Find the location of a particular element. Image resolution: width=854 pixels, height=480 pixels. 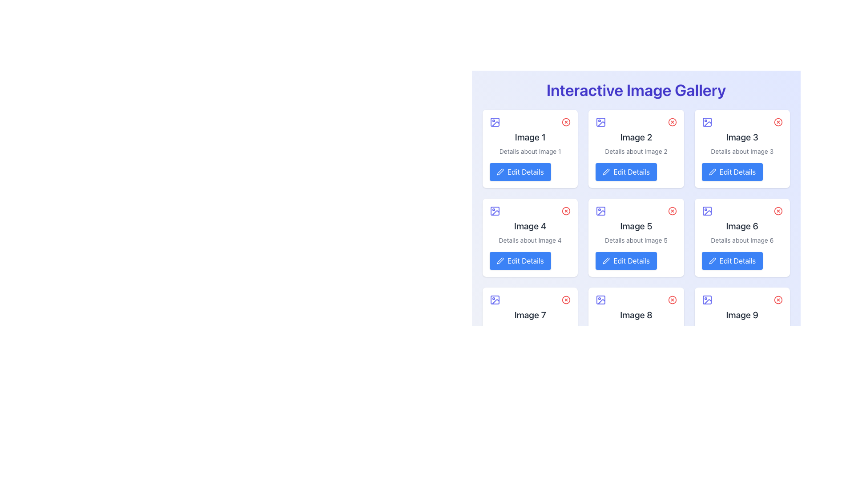

the pencil icon embedded within the blue 'Edit Details' button, which symbolizes 'edit' functionality and is positioned below an image card is located at coordinates (606, 172).